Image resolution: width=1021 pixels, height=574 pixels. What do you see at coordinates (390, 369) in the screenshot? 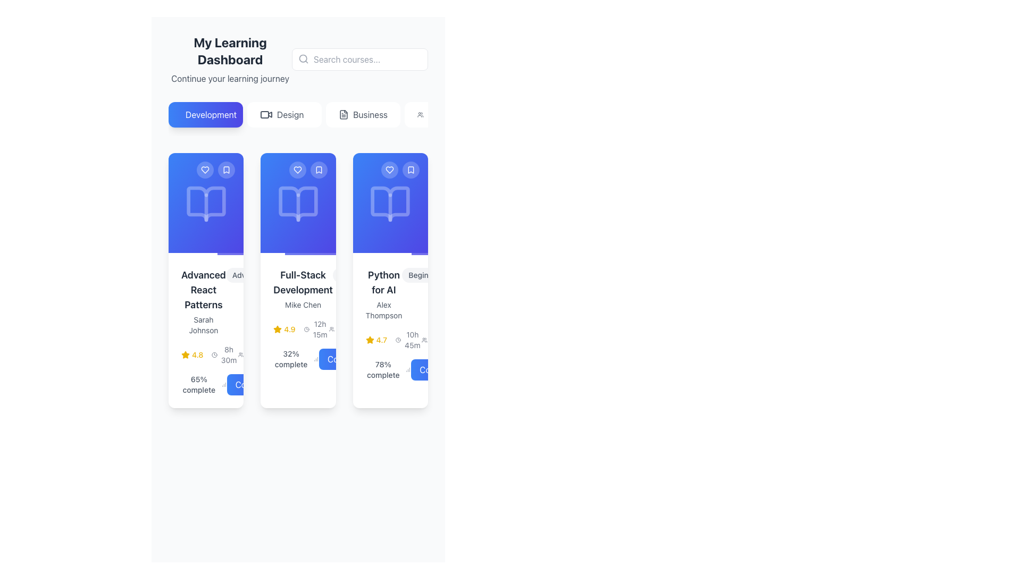
I see `the progress indicator displaying '78%' and 'complete'` at bounding box center [390, 369].